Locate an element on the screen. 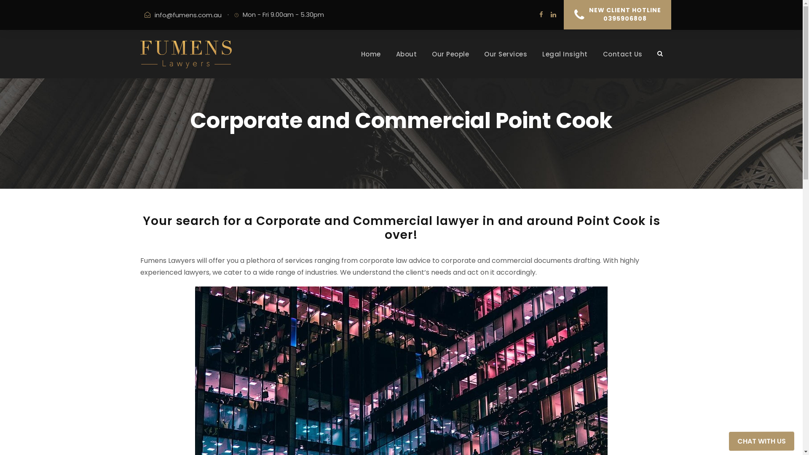  'About' is located at coordinates (396, 63).